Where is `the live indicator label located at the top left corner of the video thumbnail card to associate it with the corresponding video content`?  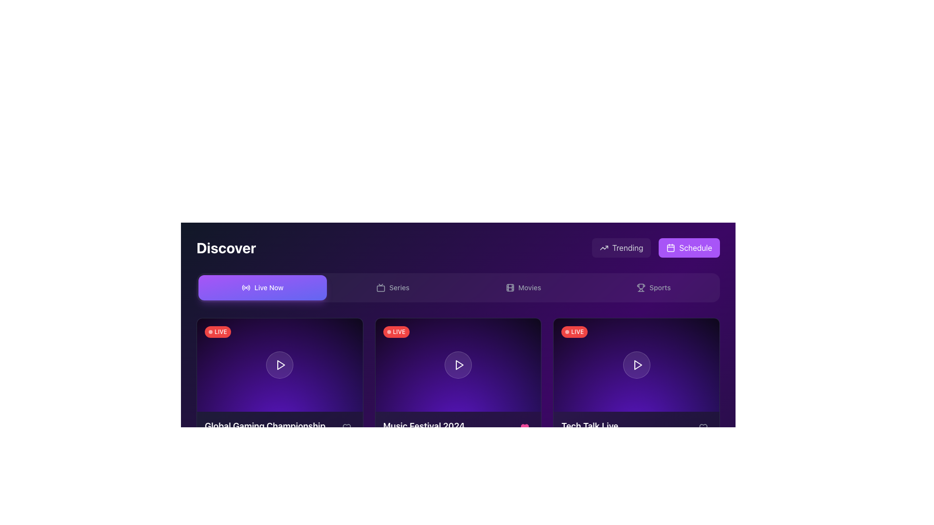
the live indicator label located at the top left corner of the video thumbnail card to associate it with the corresponding video content is located at coordinates (396, 331).